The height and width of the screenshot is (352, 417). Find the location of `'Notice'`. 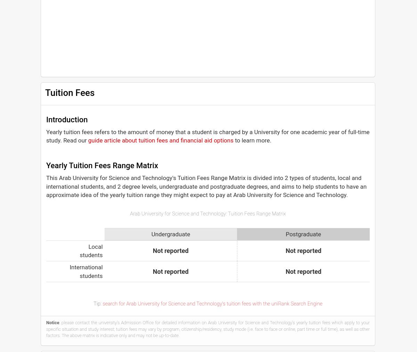

'Notice' is located at coordinates (52, 322).